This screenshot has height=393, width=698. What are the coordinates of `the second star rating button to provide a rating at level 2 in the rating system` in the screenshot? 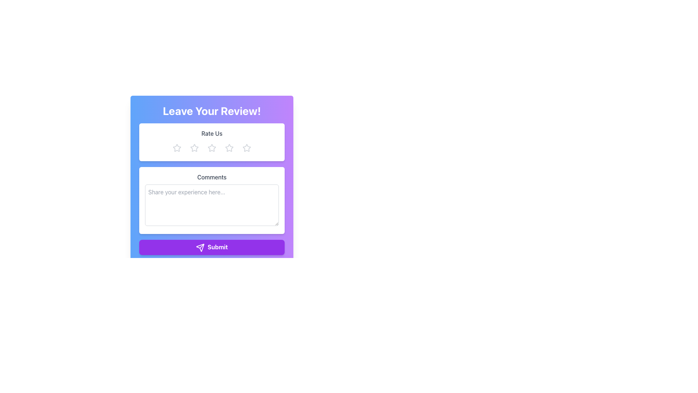 It's located at (194, 148).